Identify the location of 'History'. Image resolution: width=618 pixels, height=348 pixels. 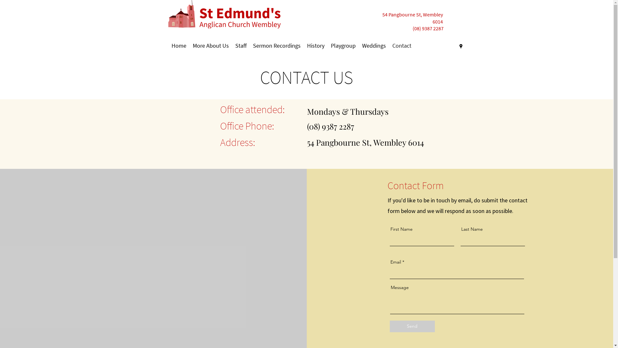
(315, 45).